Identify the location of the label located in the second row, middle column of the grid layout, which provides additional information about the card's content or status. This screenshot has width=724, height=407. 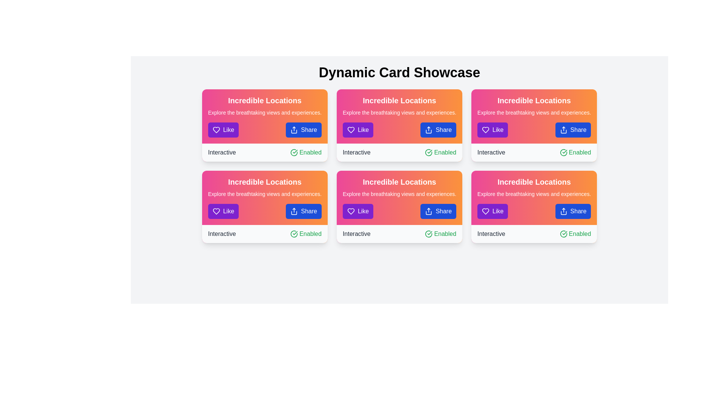
(356, 234).